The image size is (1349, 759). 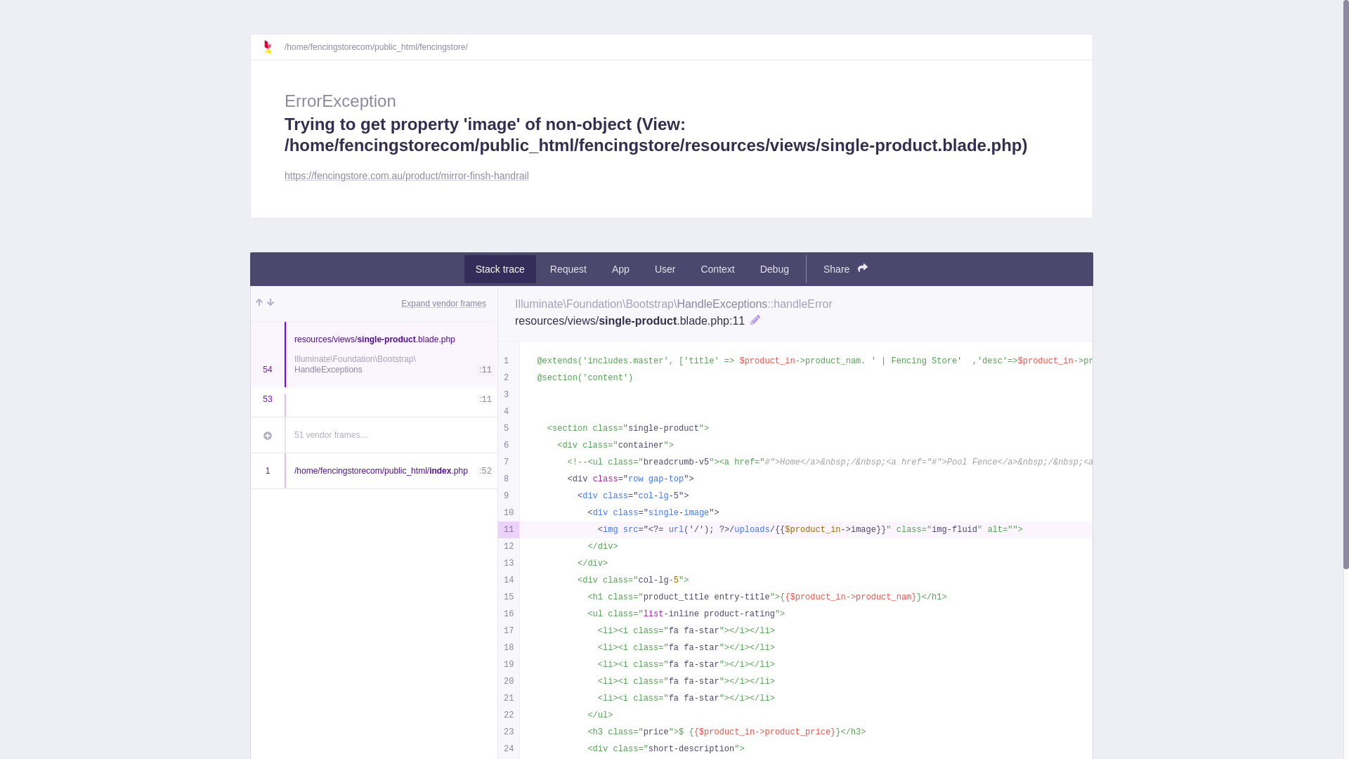 What do you see at coordinates (443, 303) in the screenshot?
I see `'Expand vendor frames'` at bounding box center [443, 303].